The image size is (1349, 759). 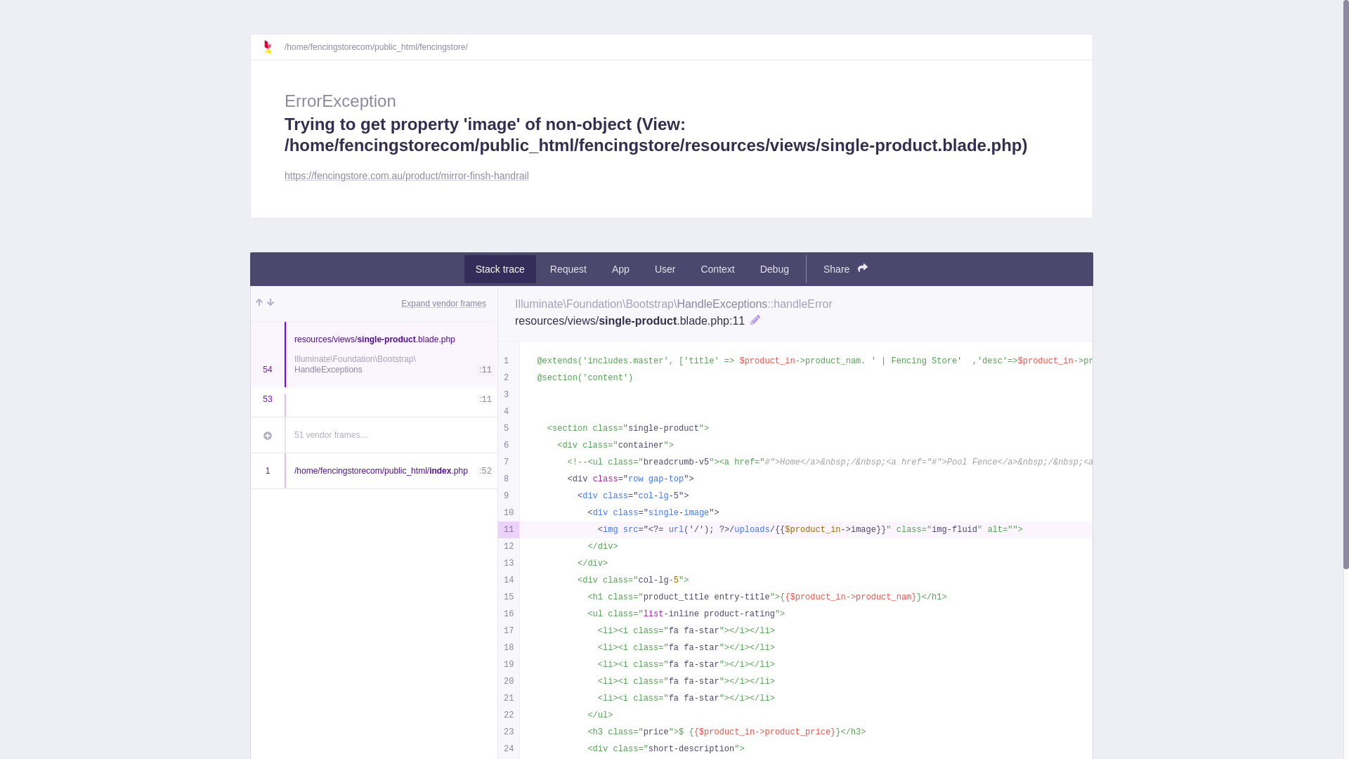 What do you see at coordinates (443, 303) in the screenshot?
I see `'Expand vendor frames'` at bounding box center [443, 303].